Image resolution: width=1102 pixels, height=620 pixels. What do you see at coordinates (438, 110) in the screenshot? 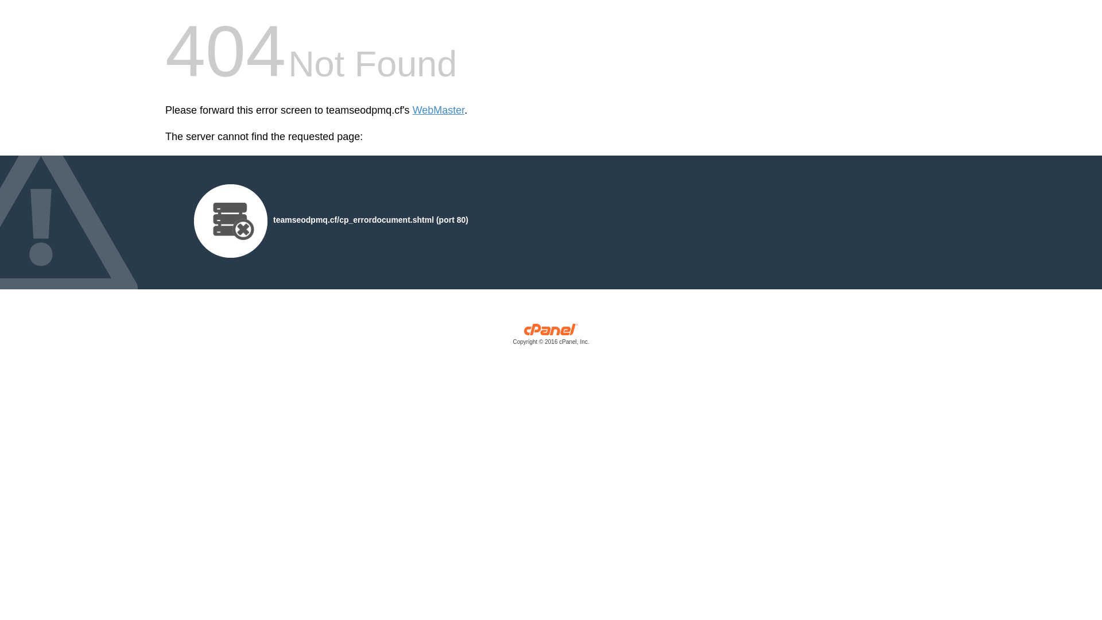
I see `'WebMaster'` at bounding box center [438, 110].